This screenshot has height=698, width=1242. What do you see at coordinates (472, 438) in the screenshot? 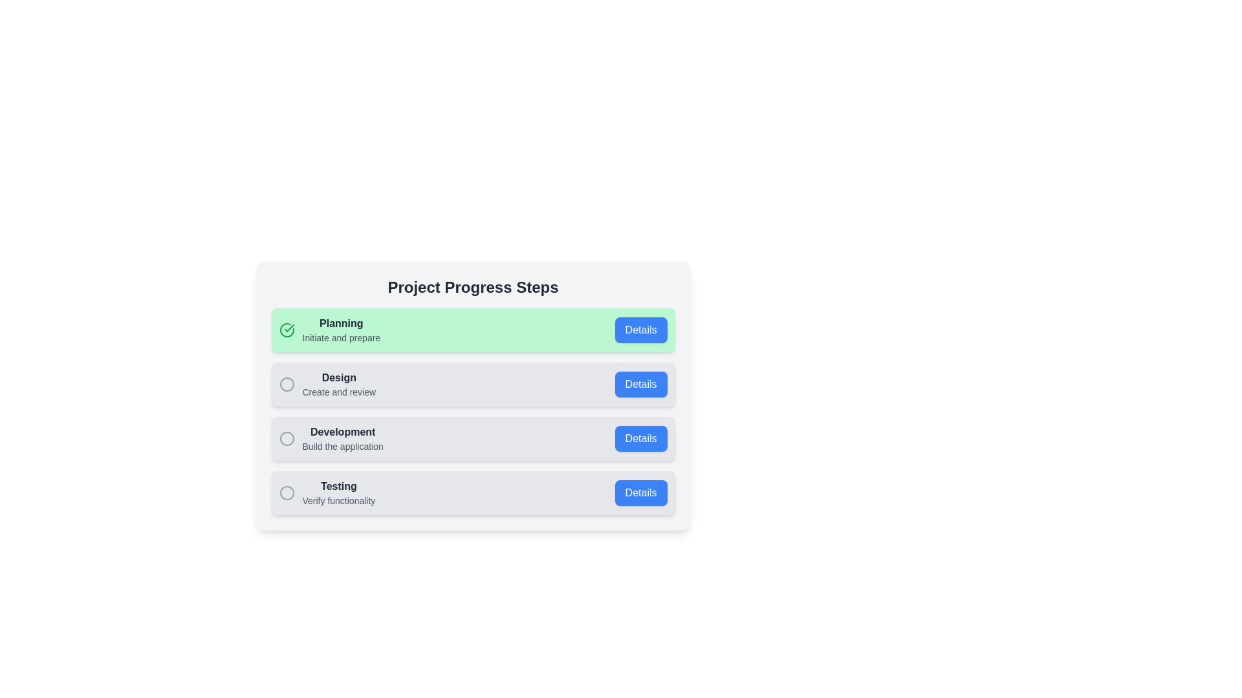
I see `the step corresponding to Development` at bounding box center [472, 438].